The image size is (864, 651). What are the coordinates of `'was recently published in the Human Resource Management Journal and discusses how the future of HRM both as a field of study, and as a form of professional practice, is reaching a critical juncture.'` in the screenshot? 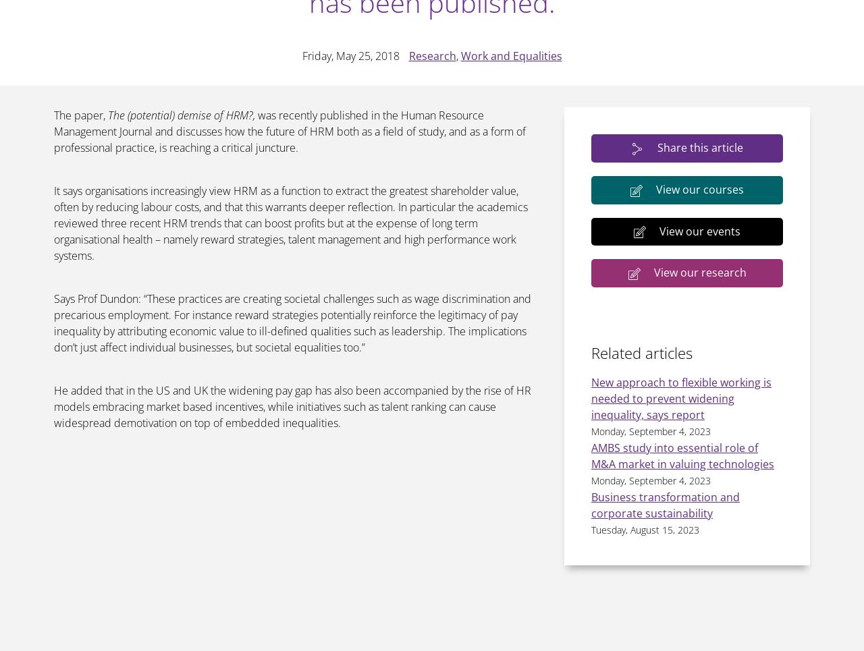 It's located at (289, 132).